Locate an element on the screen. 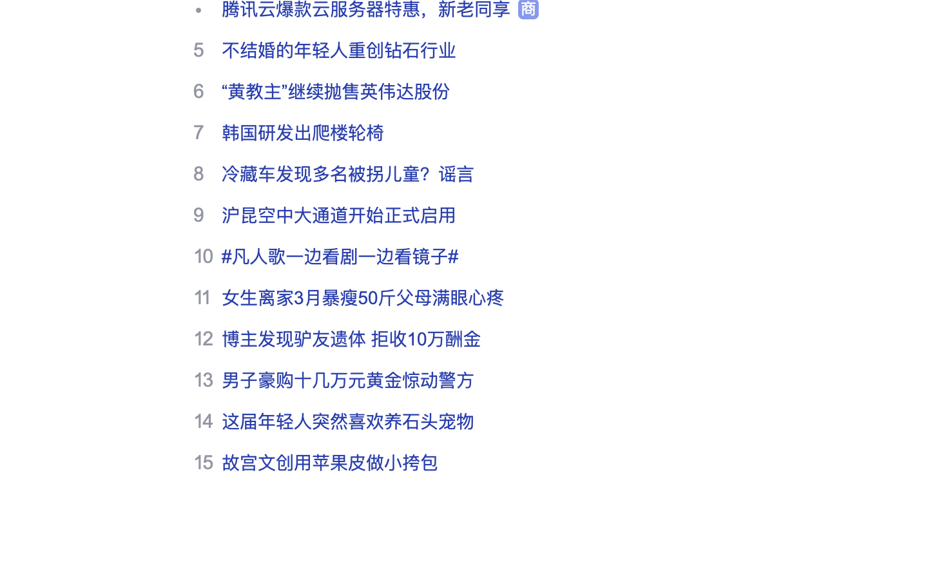 This screenshot has height=580, width=928. '13' is located at coordinates (203, 379).